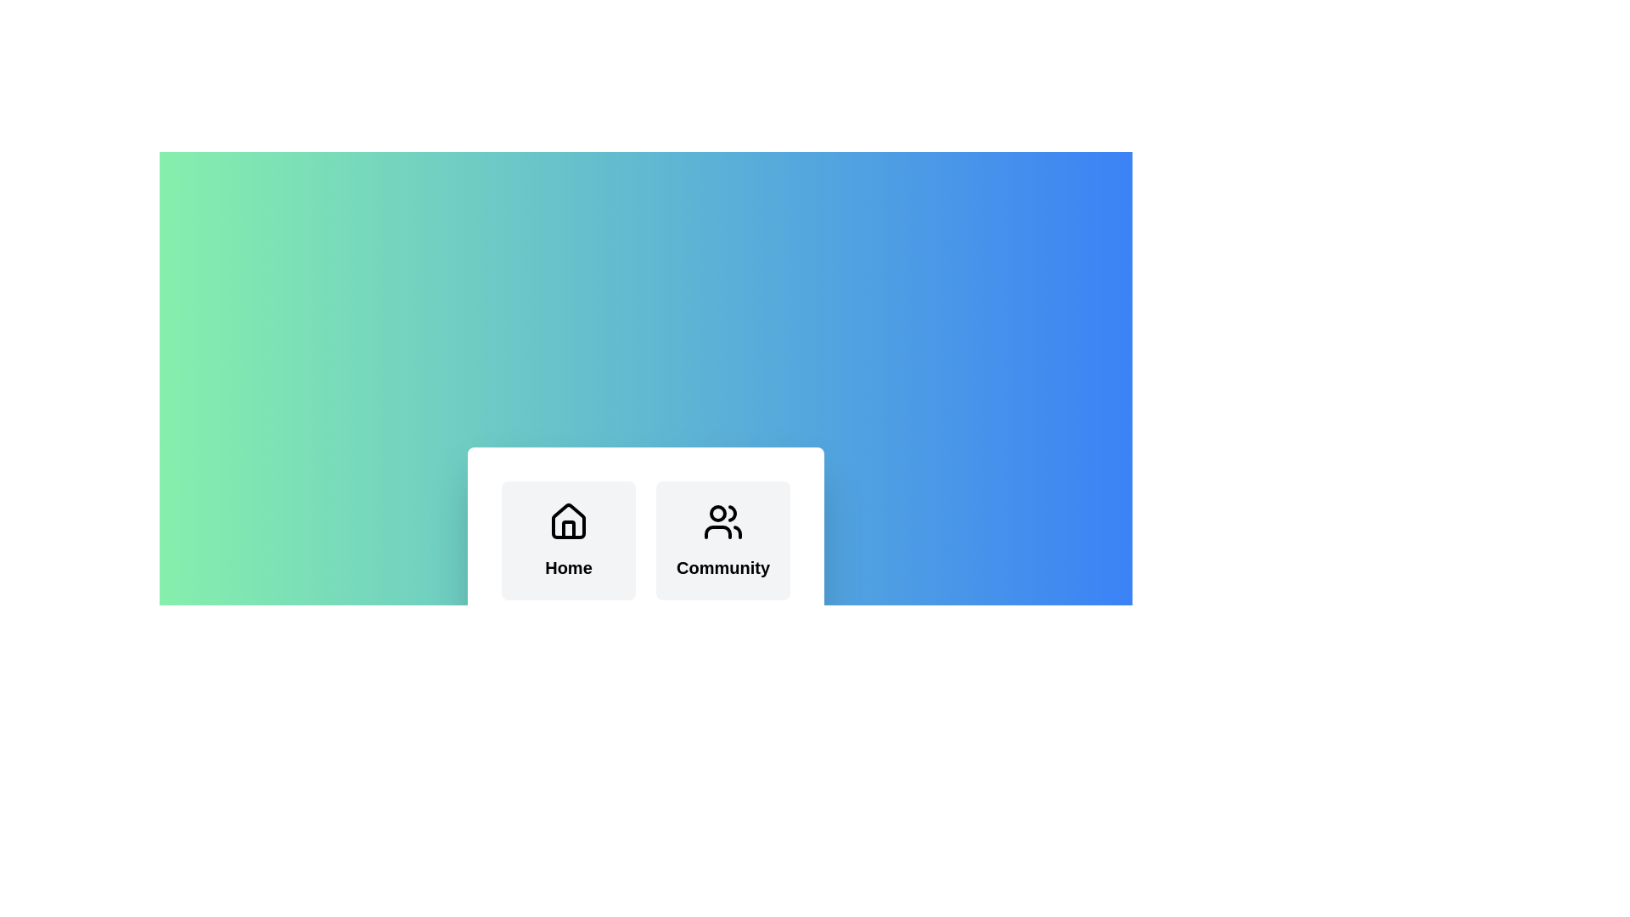  Describe the element at coordinates (569, 520) in the screenshot. I see `the 'Home' vector graphic icon located at the upper part of the left-hand icon in a horizontal pair of icons, positioned above the label that reads 'Home'` at that location.